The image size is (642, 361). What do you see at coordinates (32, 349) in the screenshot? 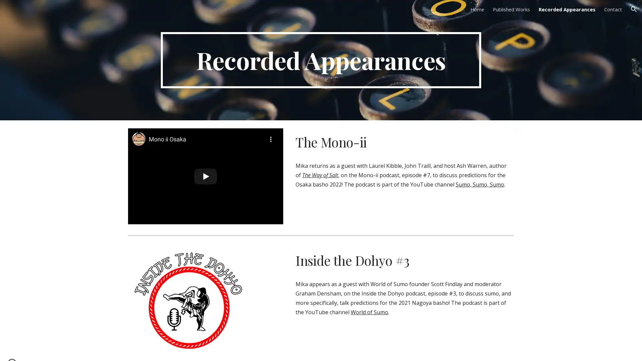
I see `Google Sites` at bounding box center [32, 349].